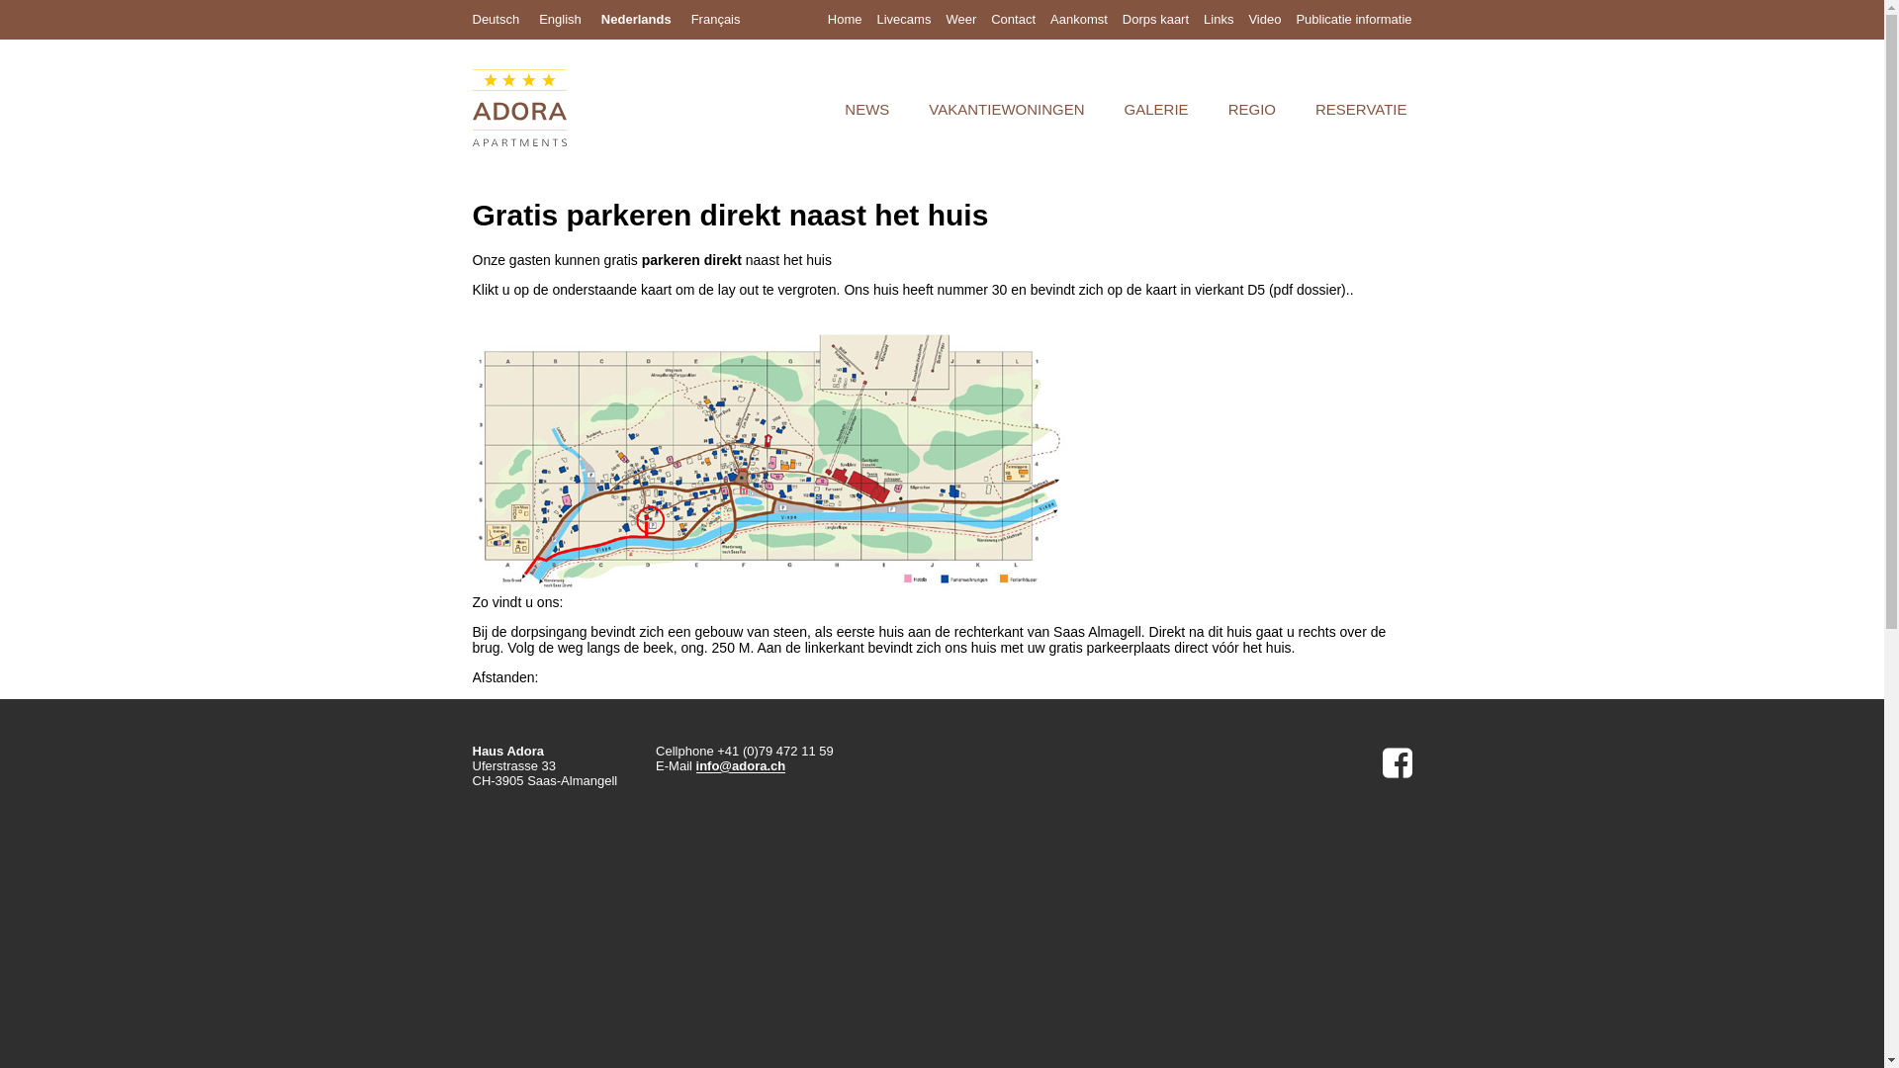 The width and height of the screenshot is (1899, 1068). What do you see at coordinates (1218, 19) in the screenshot?
I see `'Links'` at bounding box center [1218, 19].